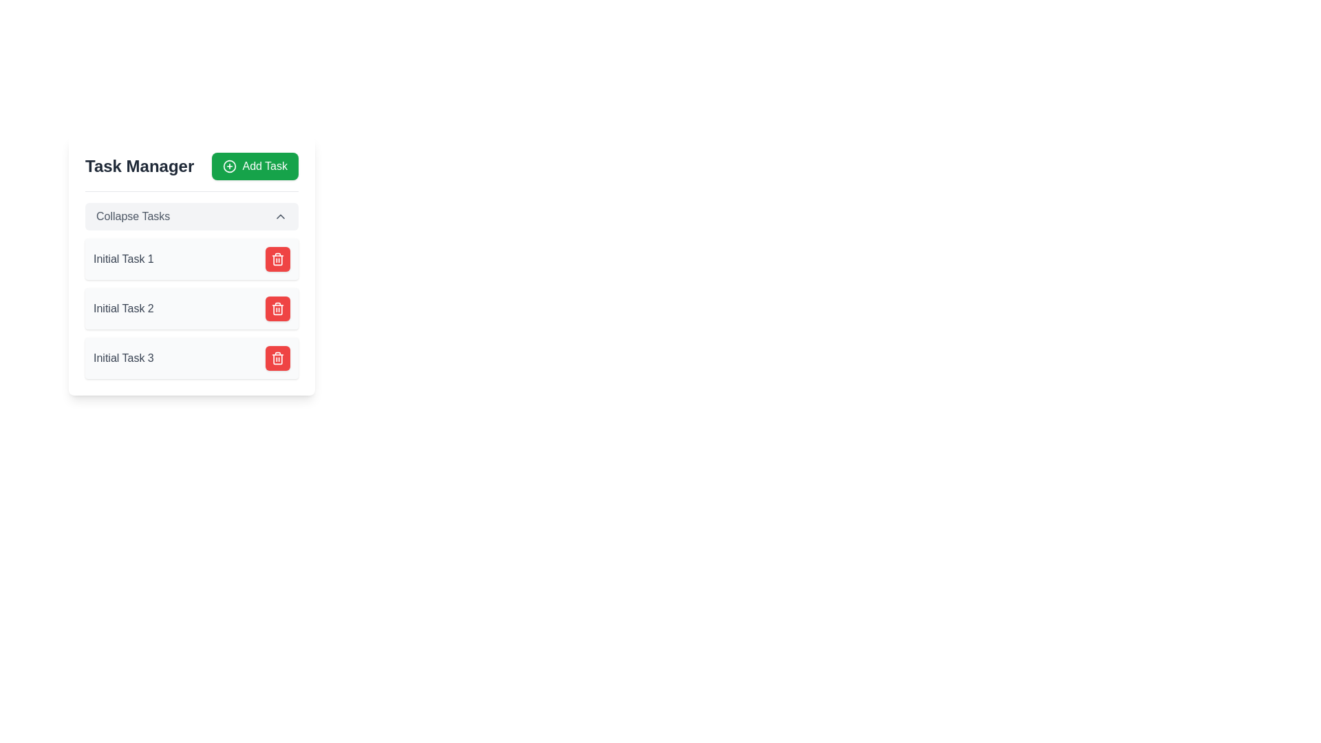 The width and height of the screenshot is (1321, 743). Describe the element at coordinates (277, 260) in the screenshot. I see `the middle delete button for a task entry, which is represented by a red SVG icon for the delete action` at that location.